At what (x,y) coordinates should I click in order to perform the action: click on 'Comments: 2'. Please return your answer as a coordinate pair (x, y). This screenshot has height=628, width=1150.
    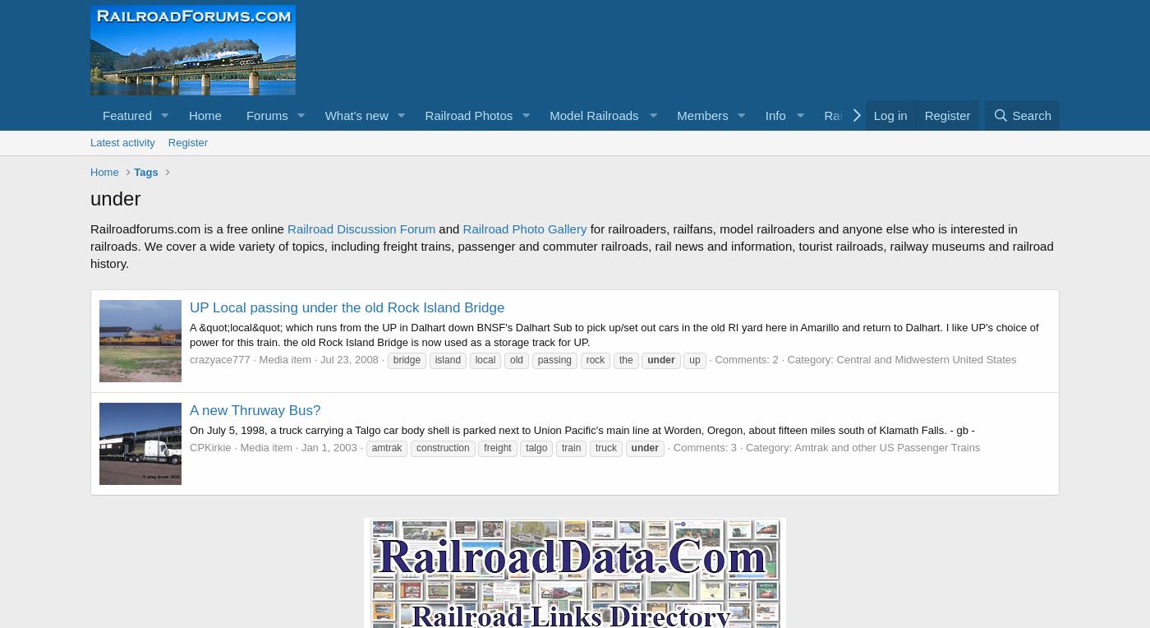
    Looking at the image, I should click on (746, 359).